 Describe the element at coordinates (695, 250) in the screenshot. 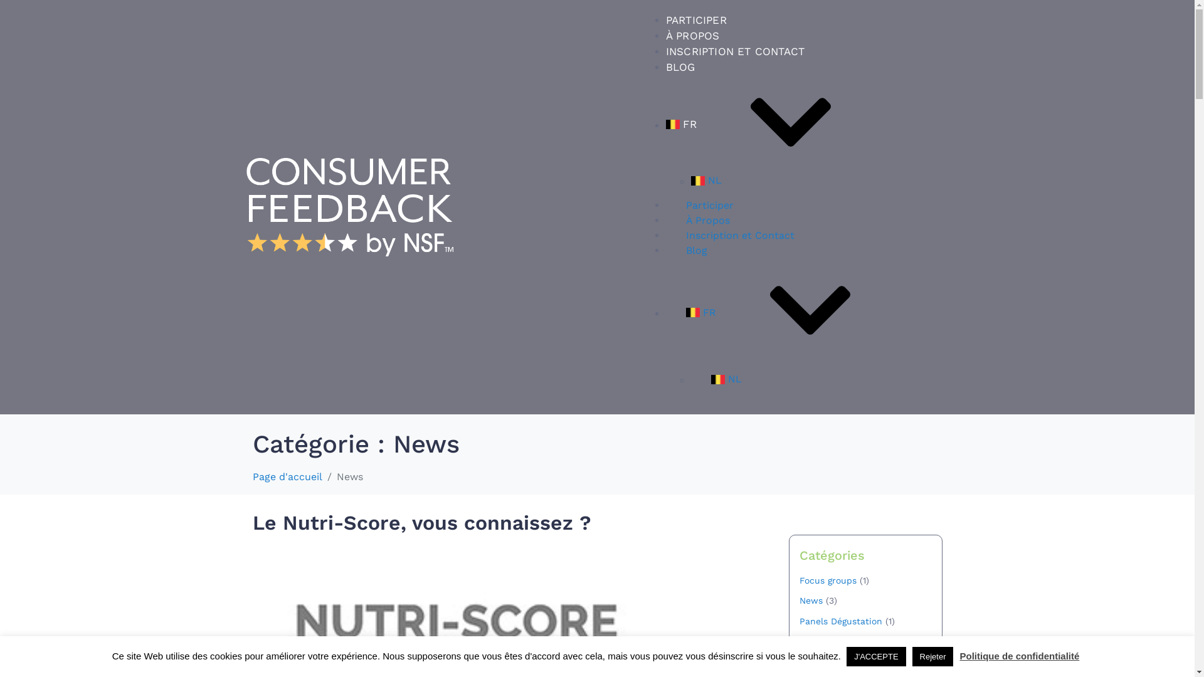

I see `'Blog'` at that location.